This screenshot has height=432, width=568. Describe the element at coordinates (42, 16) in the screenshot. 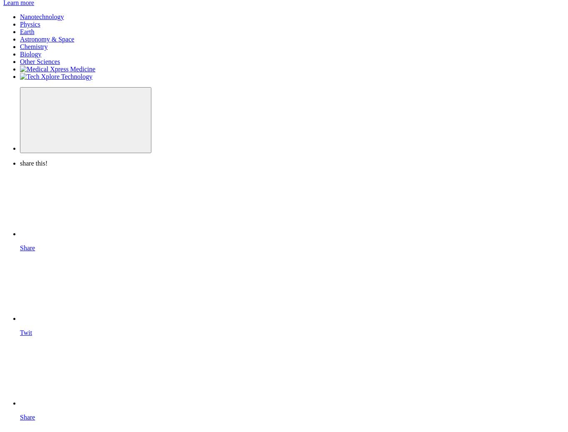

I see `'Nanotechnology'` at that location.